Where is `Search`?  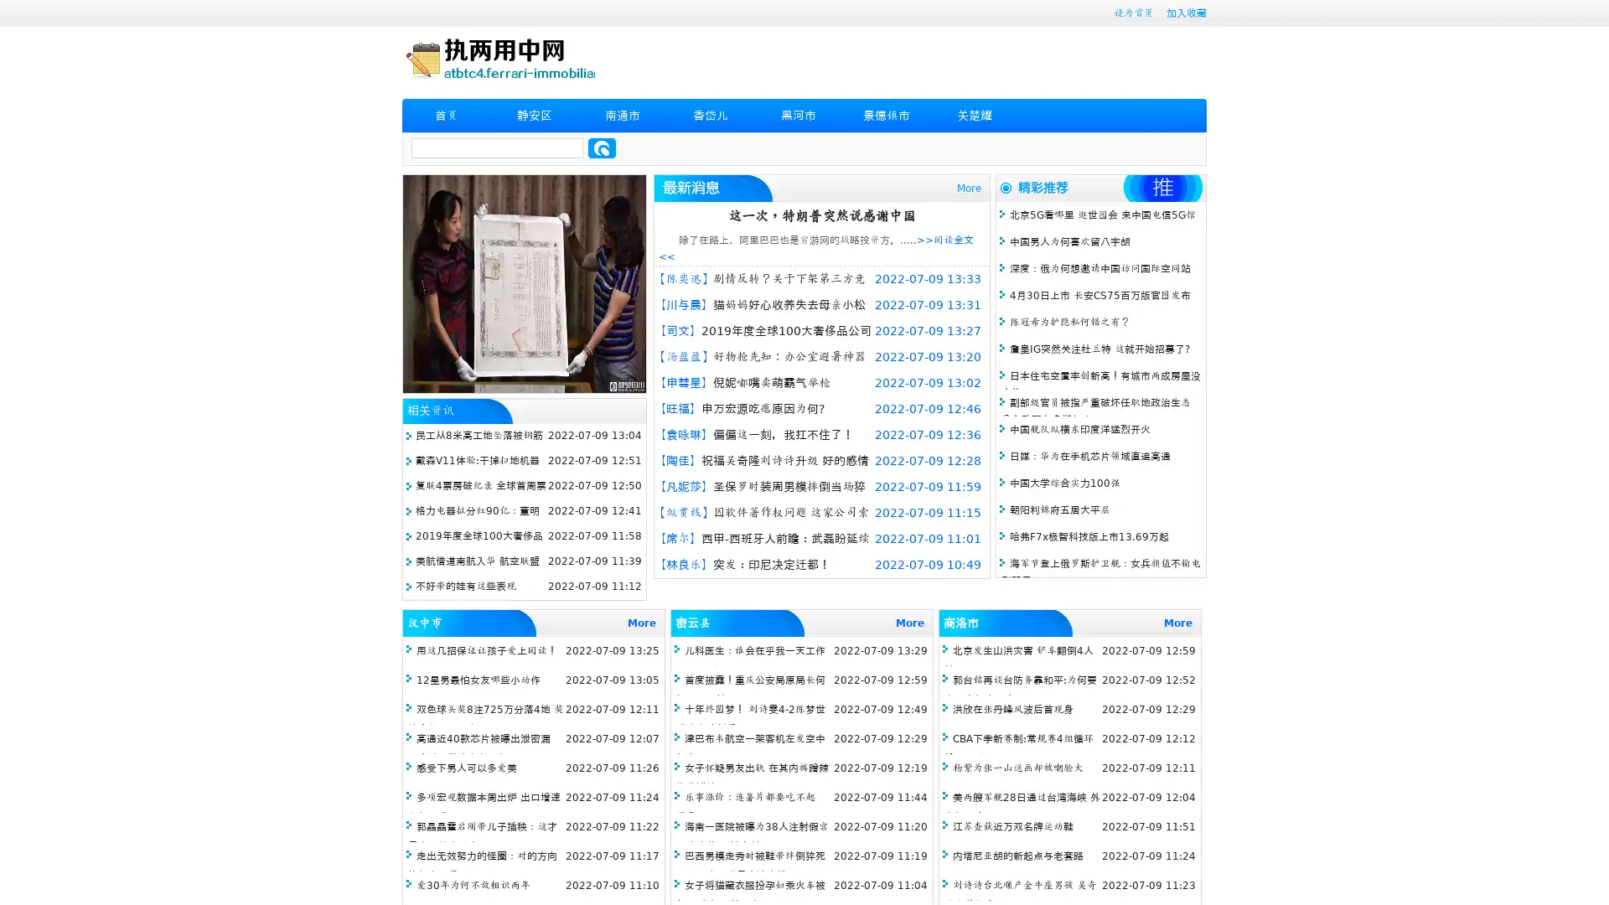 Search is located at coordinates (602, 147).